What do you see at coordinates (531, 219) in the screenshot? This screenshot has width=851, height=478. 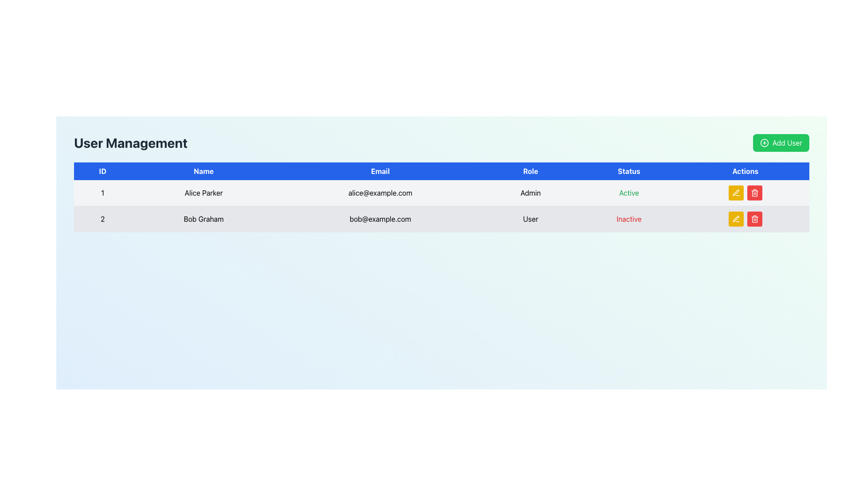 I see `text content of the Text Label indicating the role of user 'Bob Graham' in the second row of the table under the 'Role' column` at bounding box center [531, 219].